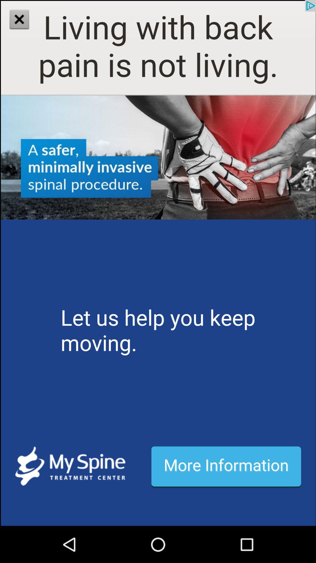 The width and height of the screenshot is (316, 563). I want to click on the close icon, so click(19, 21).